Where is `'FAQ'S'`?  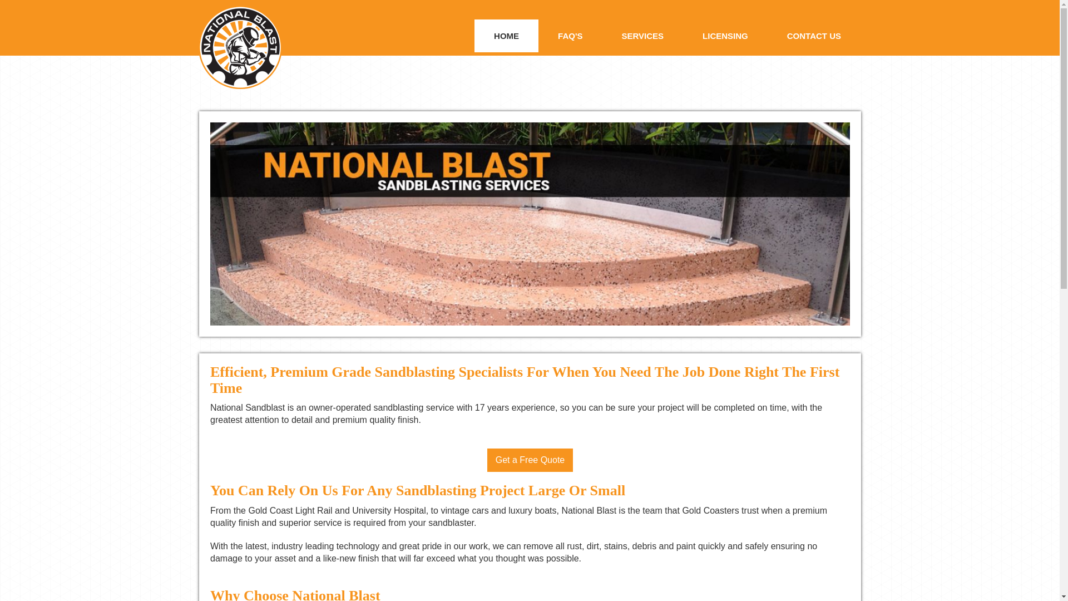
'FAQ'S' is located at coordinates (570, 35).